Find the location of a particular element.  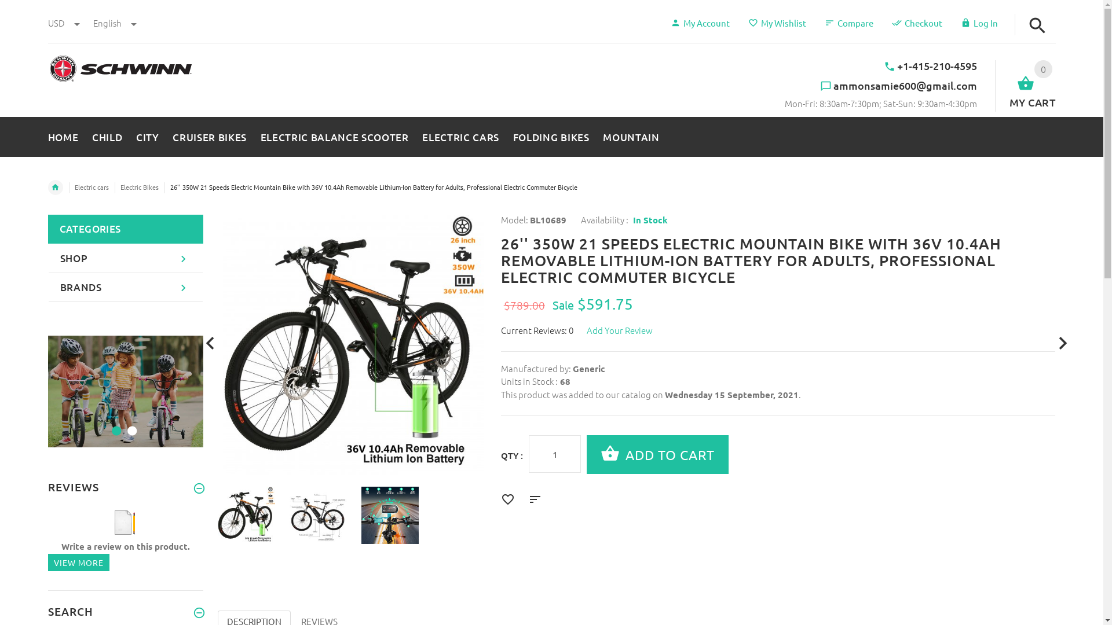

'USD' is located at coordinates (63, 23).